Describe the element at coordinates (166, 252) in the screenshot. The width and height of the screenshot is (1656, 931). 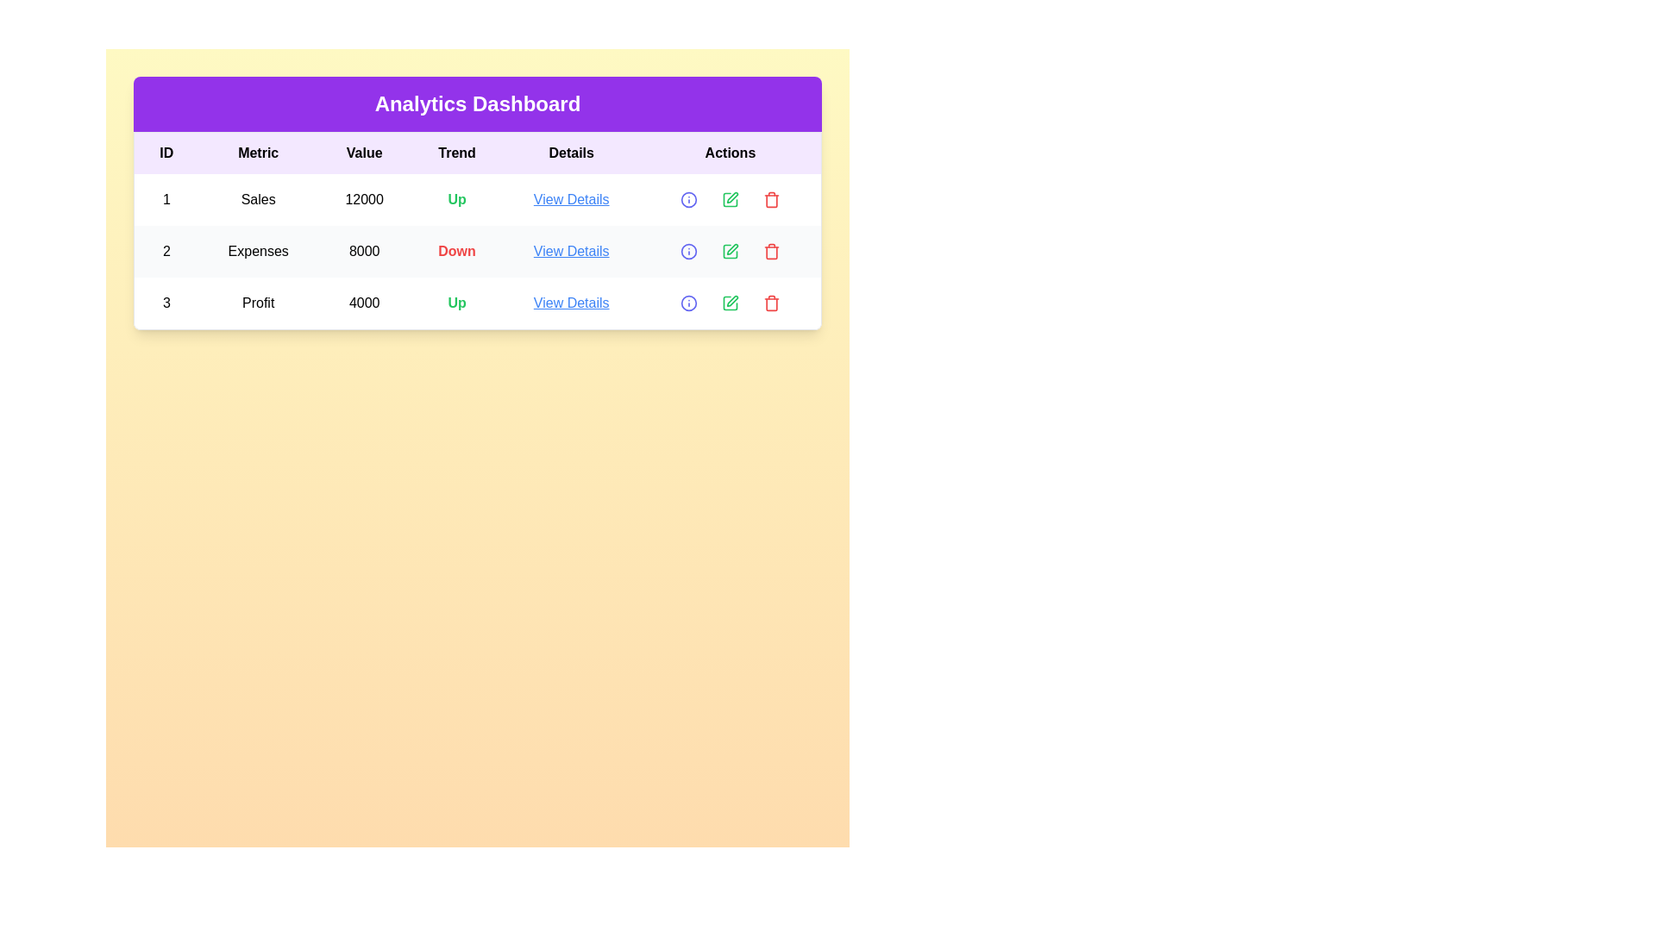
I see `the Text label in the leftmost column of the second row of the table, which serves as an identifier and is located under the 'ID' header, above the number '3'` at that location.